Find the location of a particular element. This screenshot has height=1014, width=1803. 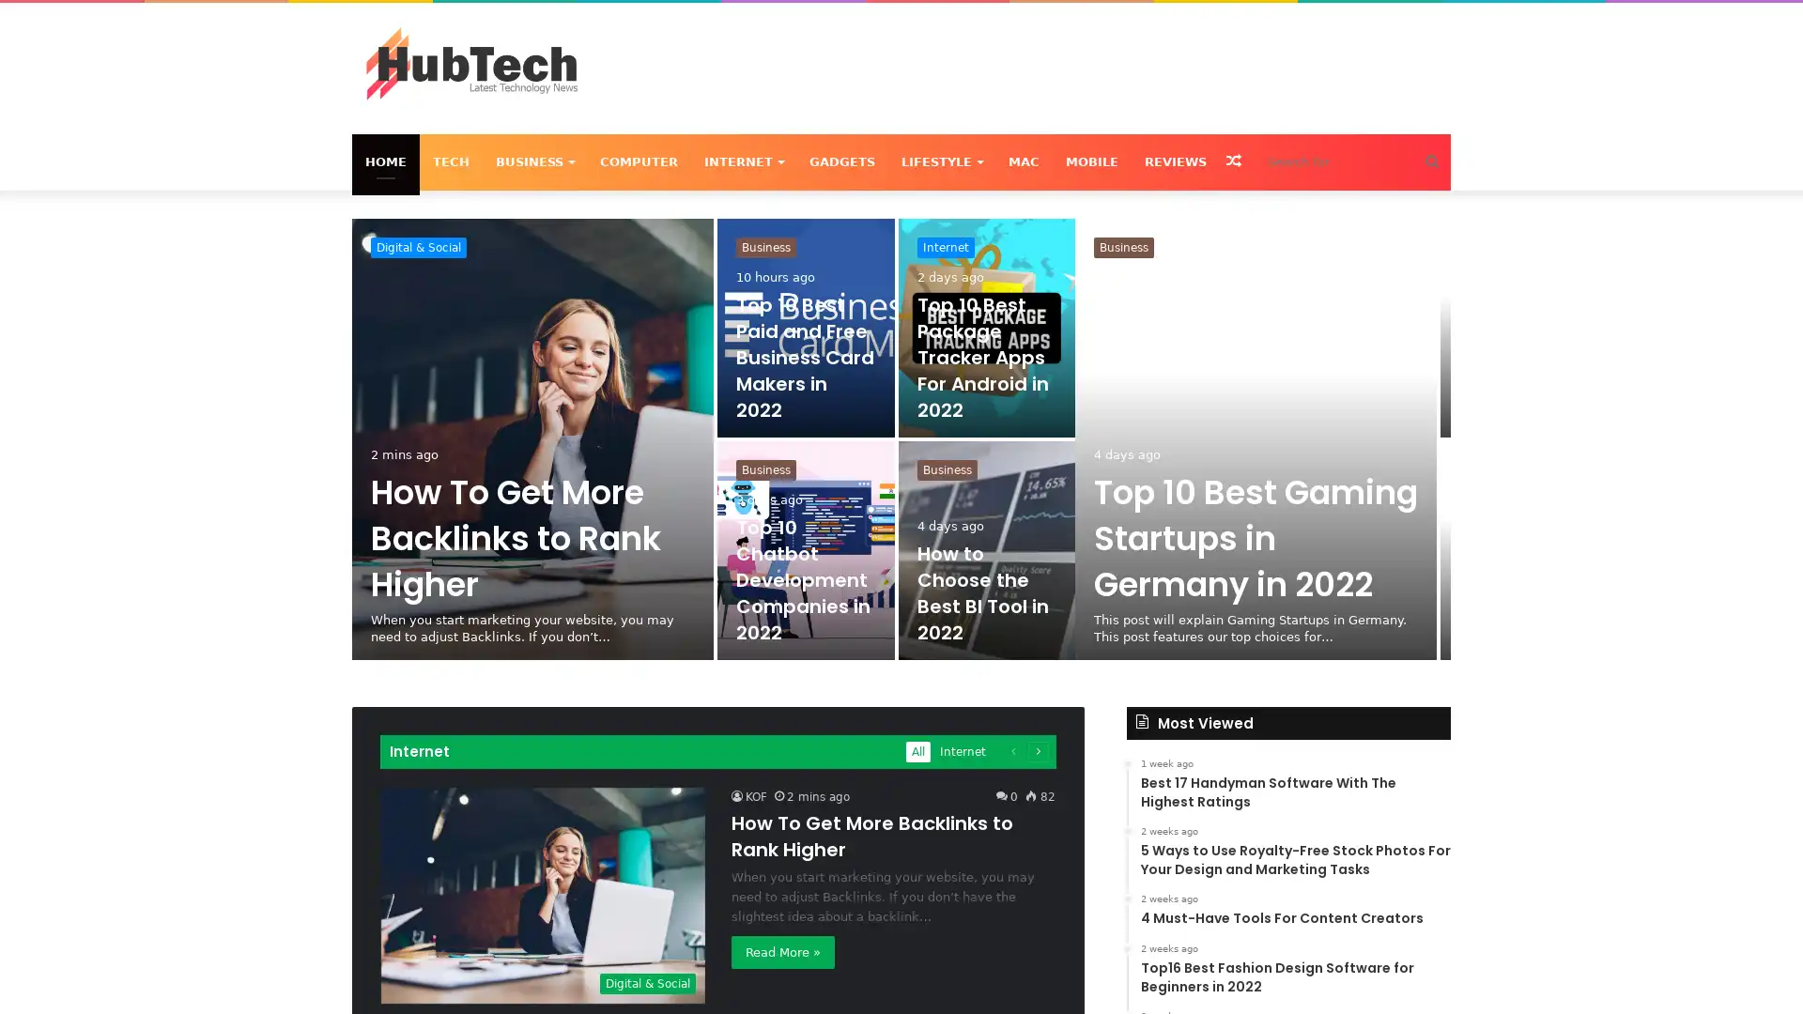

Search for is located at coordinates (1431, 161).